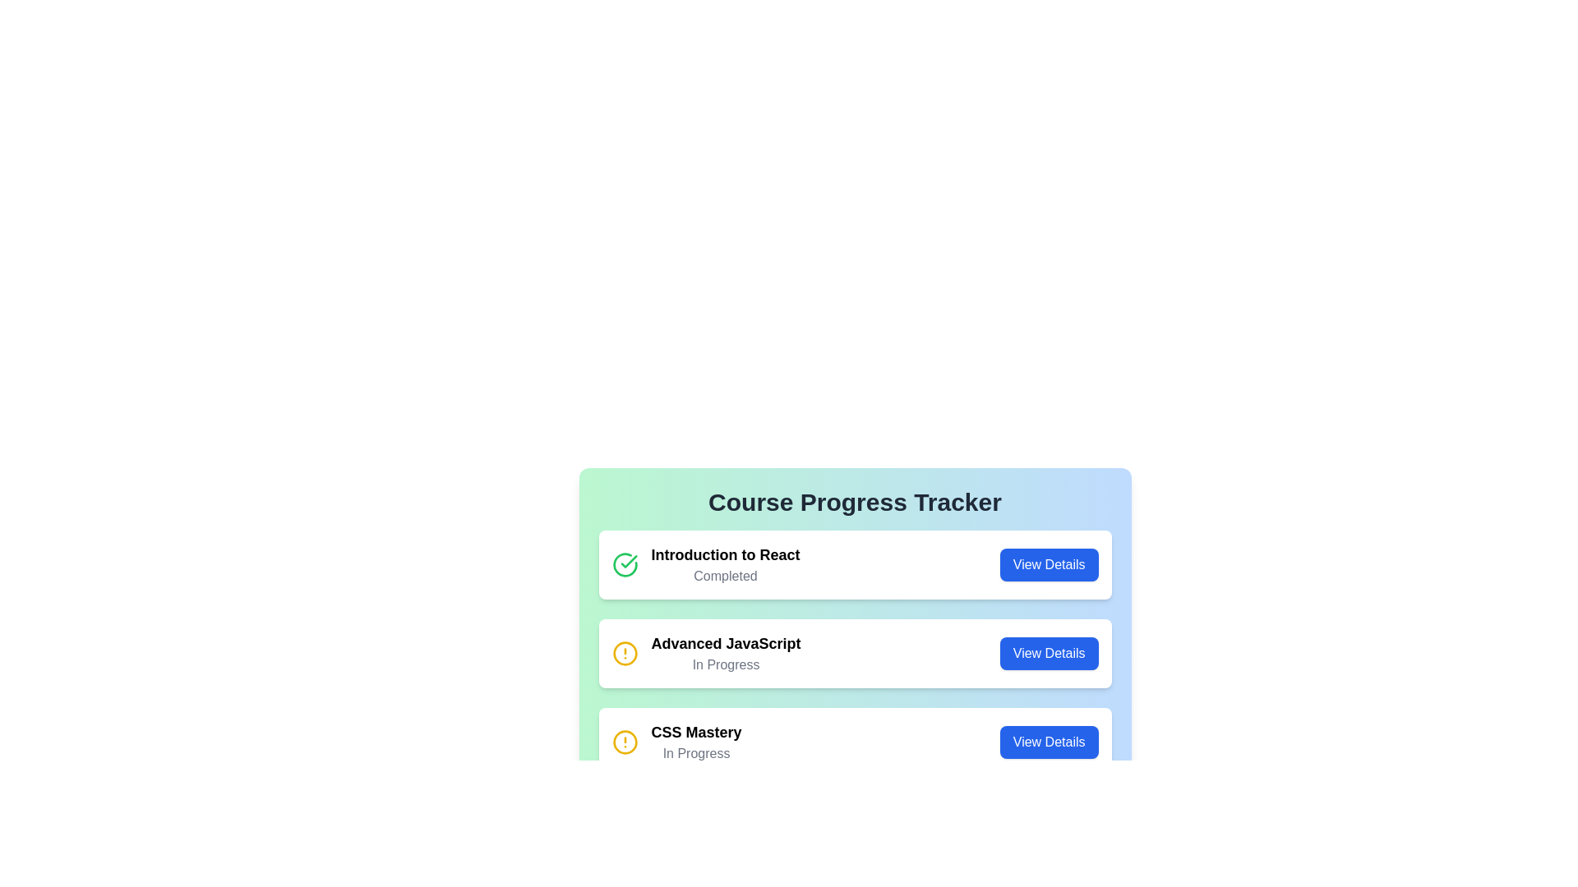  I want to click on the yellow gradient circular icon element indicating course status for 'CSS Mastery' in the 'Course Progress Tracker' interface, so click(624, 742).